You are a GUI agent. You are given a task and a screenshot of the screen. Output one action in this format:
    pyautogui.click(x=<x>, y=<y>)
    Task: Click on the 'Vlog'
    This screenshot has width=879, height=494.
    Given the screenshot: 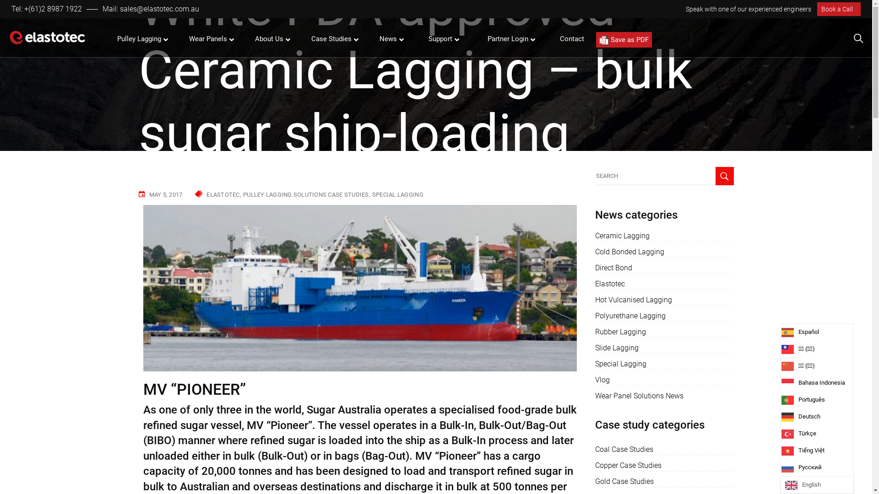 What is the action you would take?
    pyautogui.click(x=595, y=380)
    